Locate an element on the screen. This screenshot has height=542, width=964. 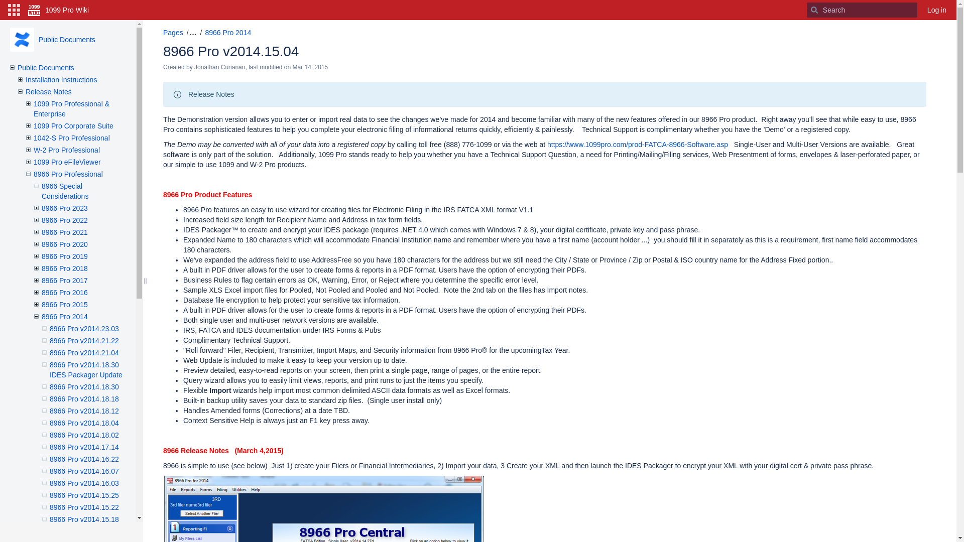
'Public Documents' is located at coordinates (66, 39).